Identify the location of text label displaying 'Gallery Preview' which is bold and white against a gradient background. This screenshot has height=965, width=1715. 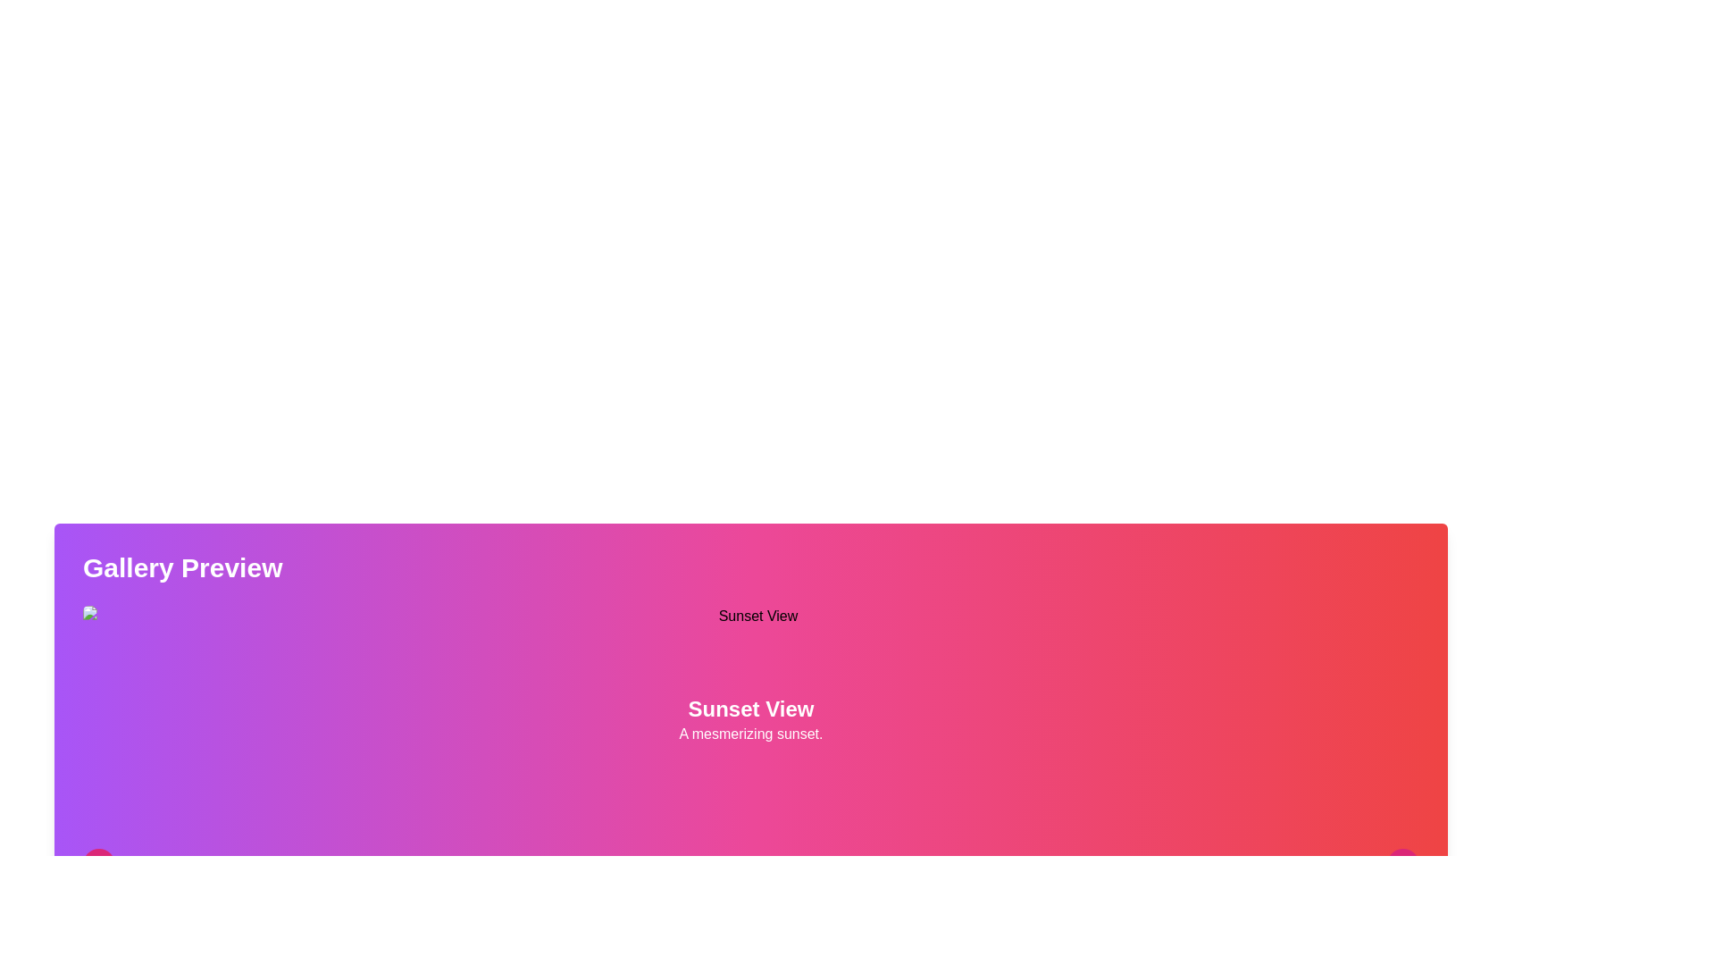
(182, 568).